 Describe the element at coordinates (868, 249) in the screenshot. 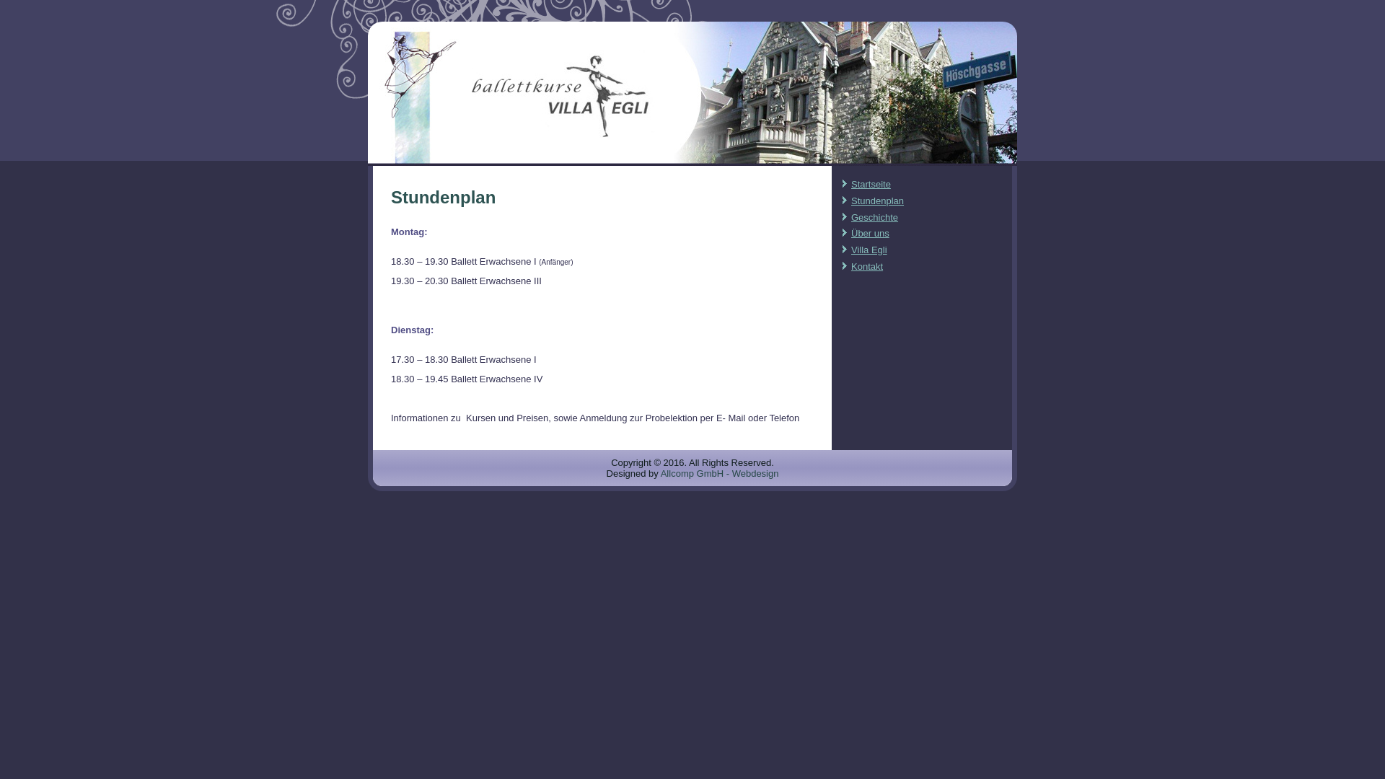

I see `'Villa Egli'` at that location.